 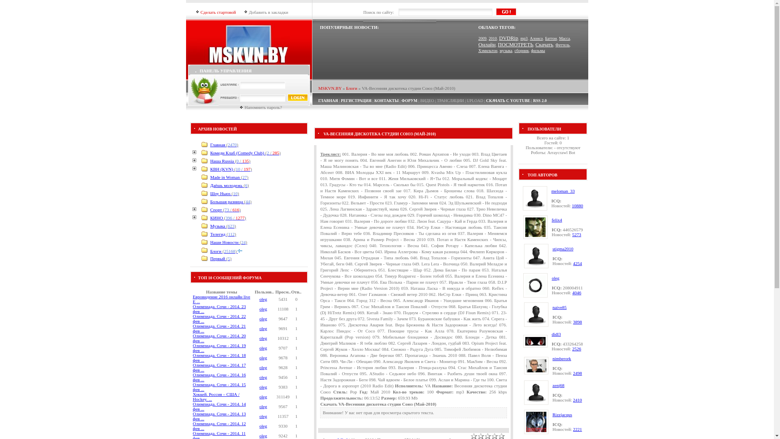 I want to click on 'oleg', so click(x=263, y=357).